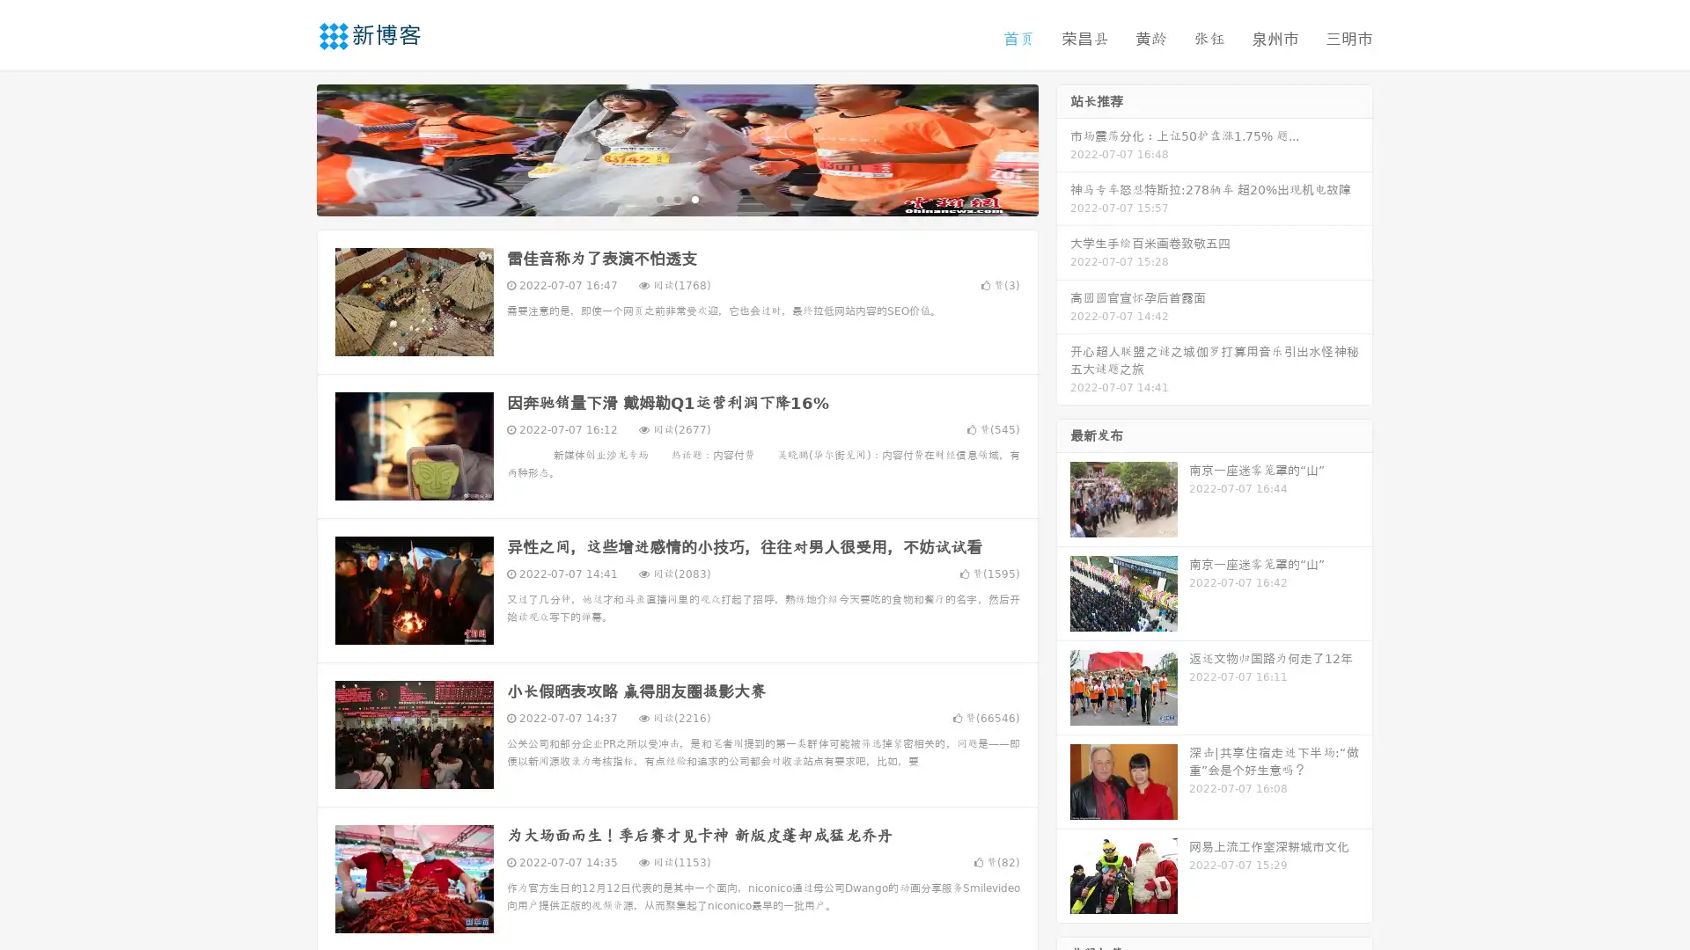 The width and height of the screenshot is (1690, 950). I want to click on Next slide, so click(1063, 148).